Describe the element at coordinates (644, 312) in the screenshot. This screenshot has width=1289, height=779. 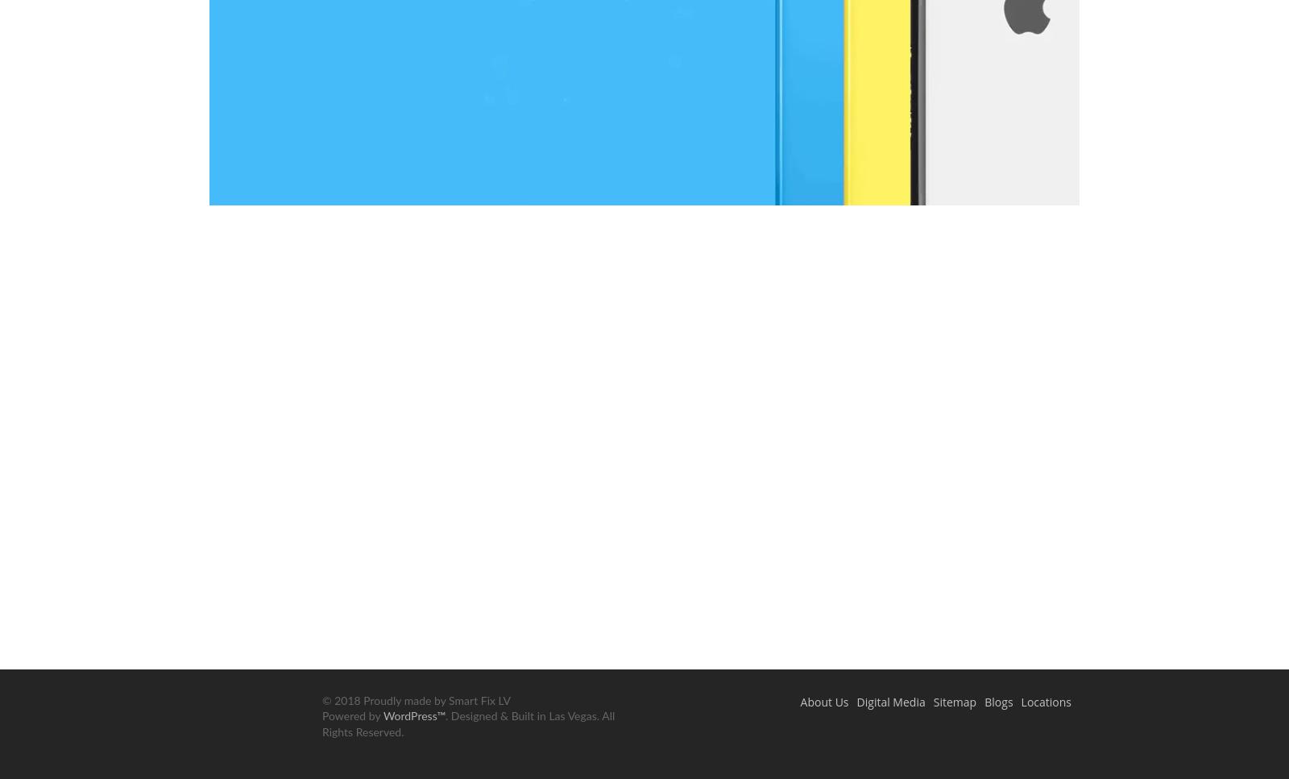
I see `'Don't forget to Back up your iPhone'` at that location.